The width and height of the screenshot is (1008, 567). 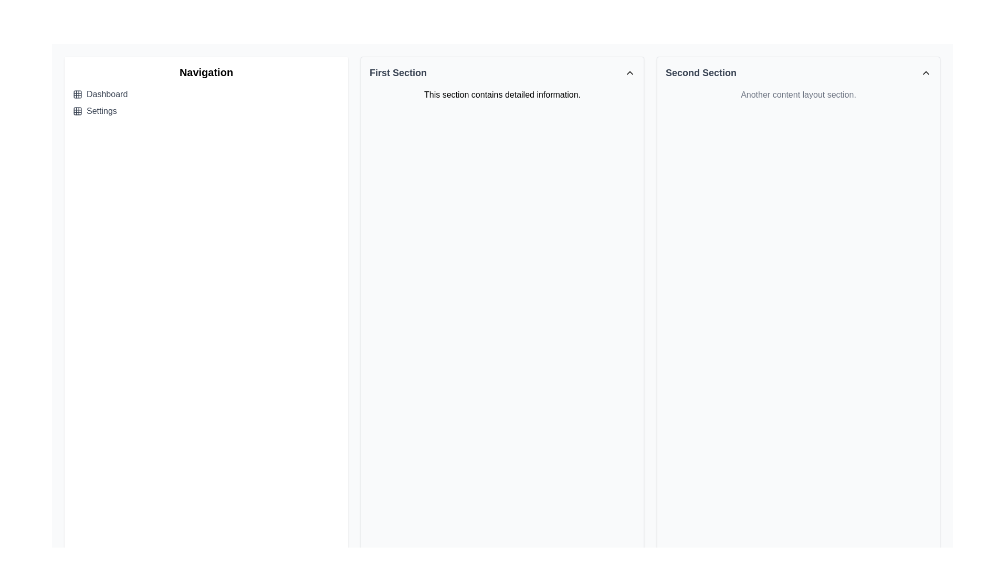 What do you see at coordinates (77, 94) in the screenshot?
I see `the 'Dashboard' icon located in the navigation bar, which is the first icon preceding the 'Dashboard' label` at bounding box center [77, 94].